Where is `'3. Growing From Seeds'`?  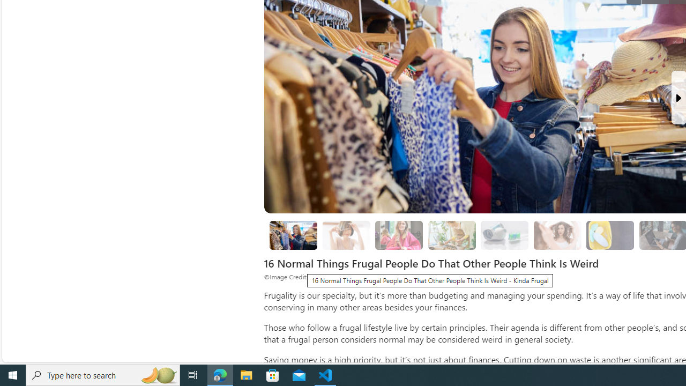
'3. Growing From Seeds' is located at coordinates (451, 234).